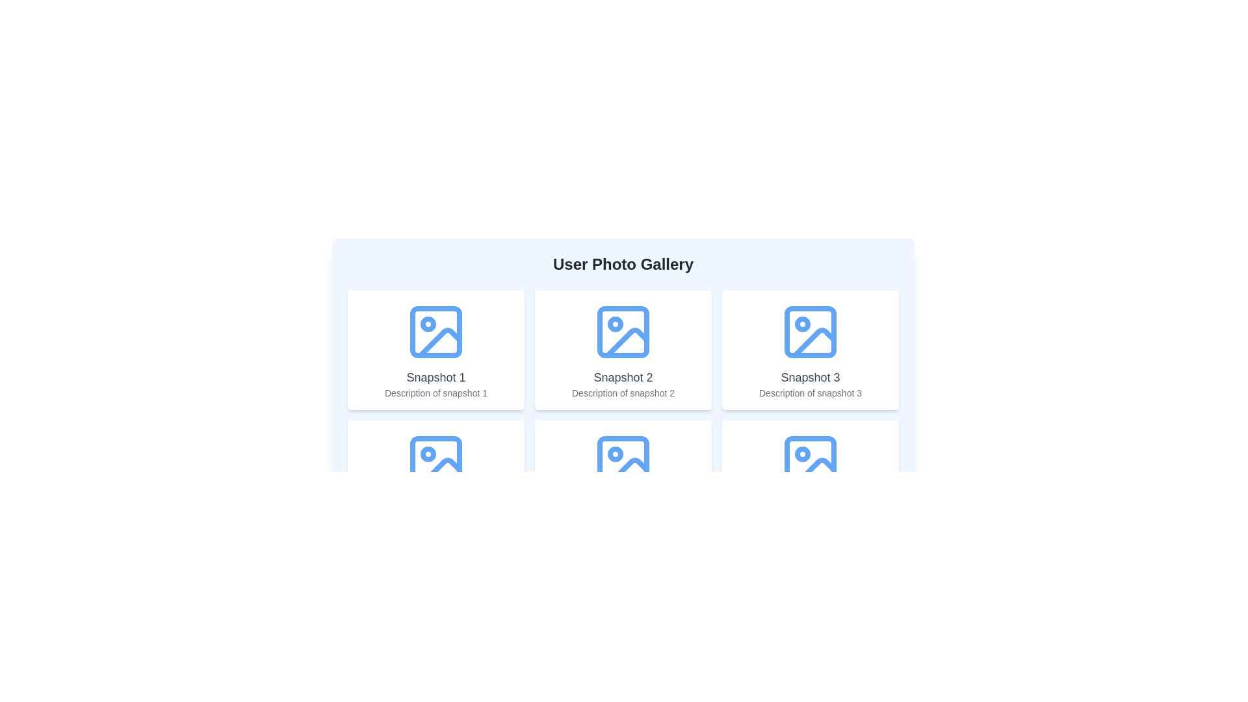  Describe the element at coordinates (810, 331) in the screenshot. I see `the icon representing an image or snapshot in the gallery located at the top-center of the card labeled 'Snapshot 3'` at that location.